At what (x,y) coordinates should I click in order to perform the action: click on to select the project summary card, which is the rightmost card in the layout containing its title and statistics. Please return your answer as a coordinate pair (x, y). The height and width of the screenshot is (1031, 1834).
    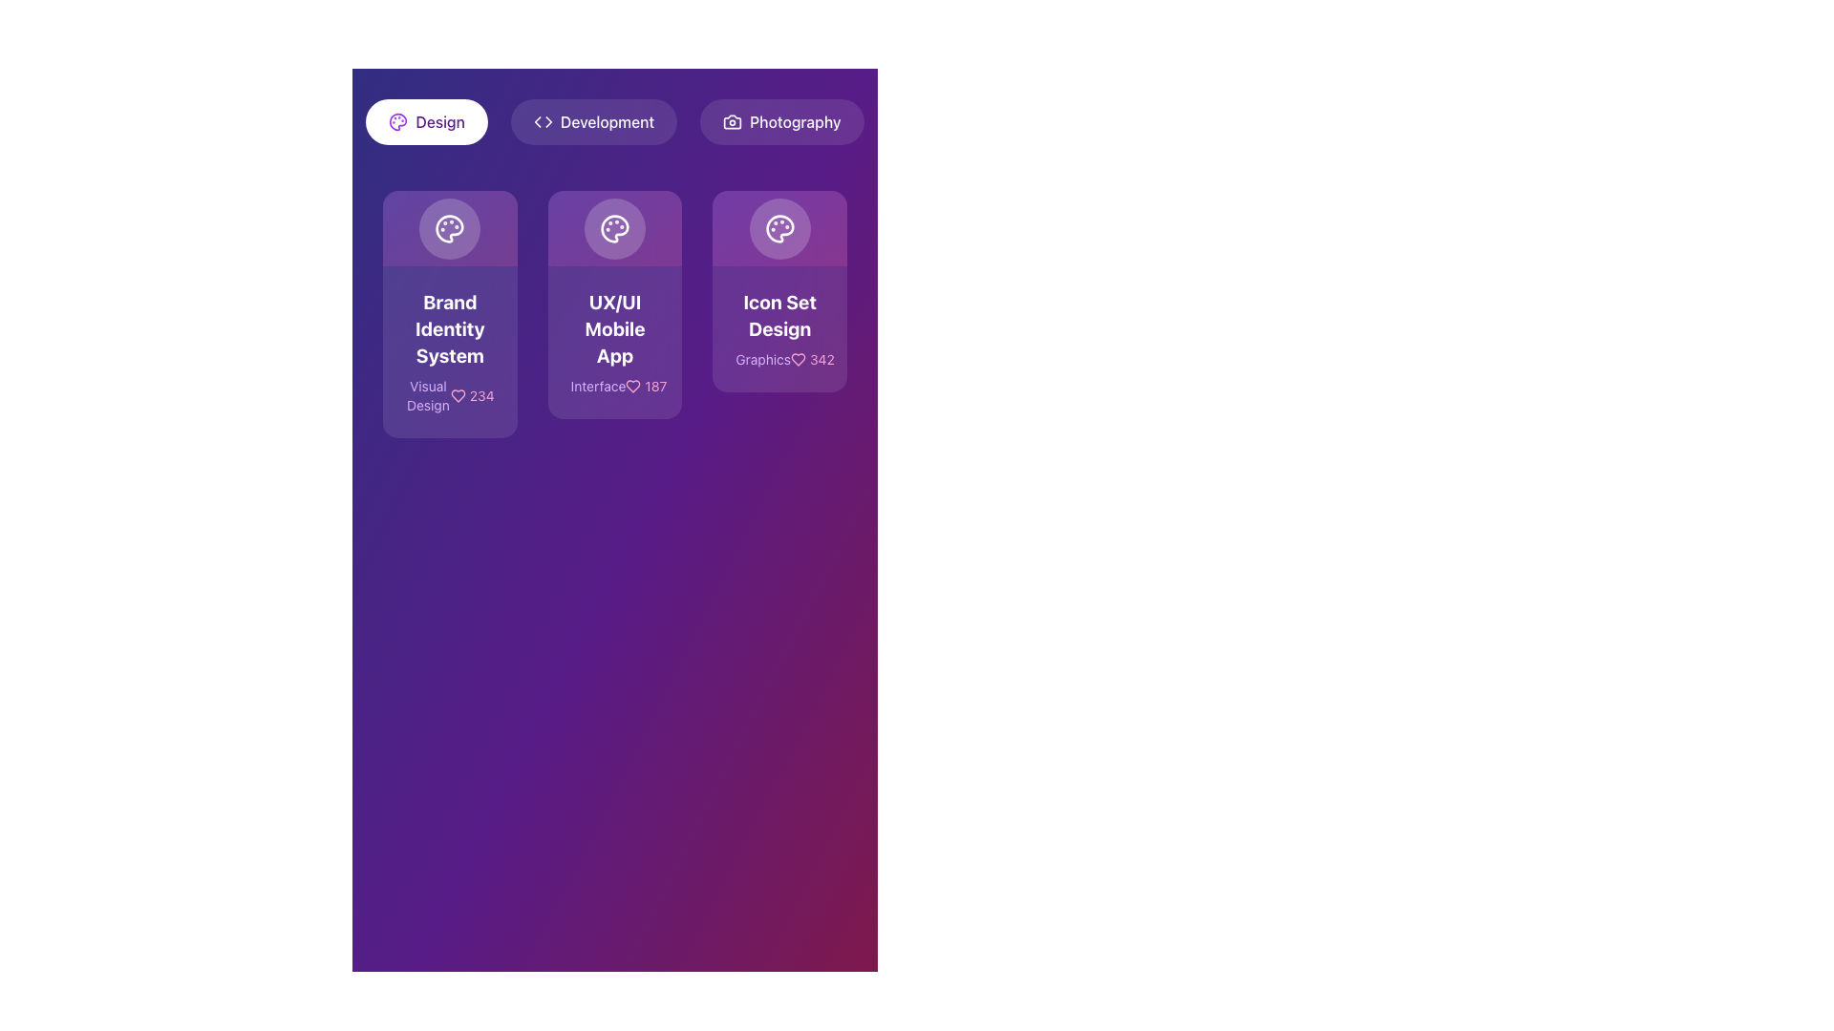
    Looking at the image, I should click on (779, 328).